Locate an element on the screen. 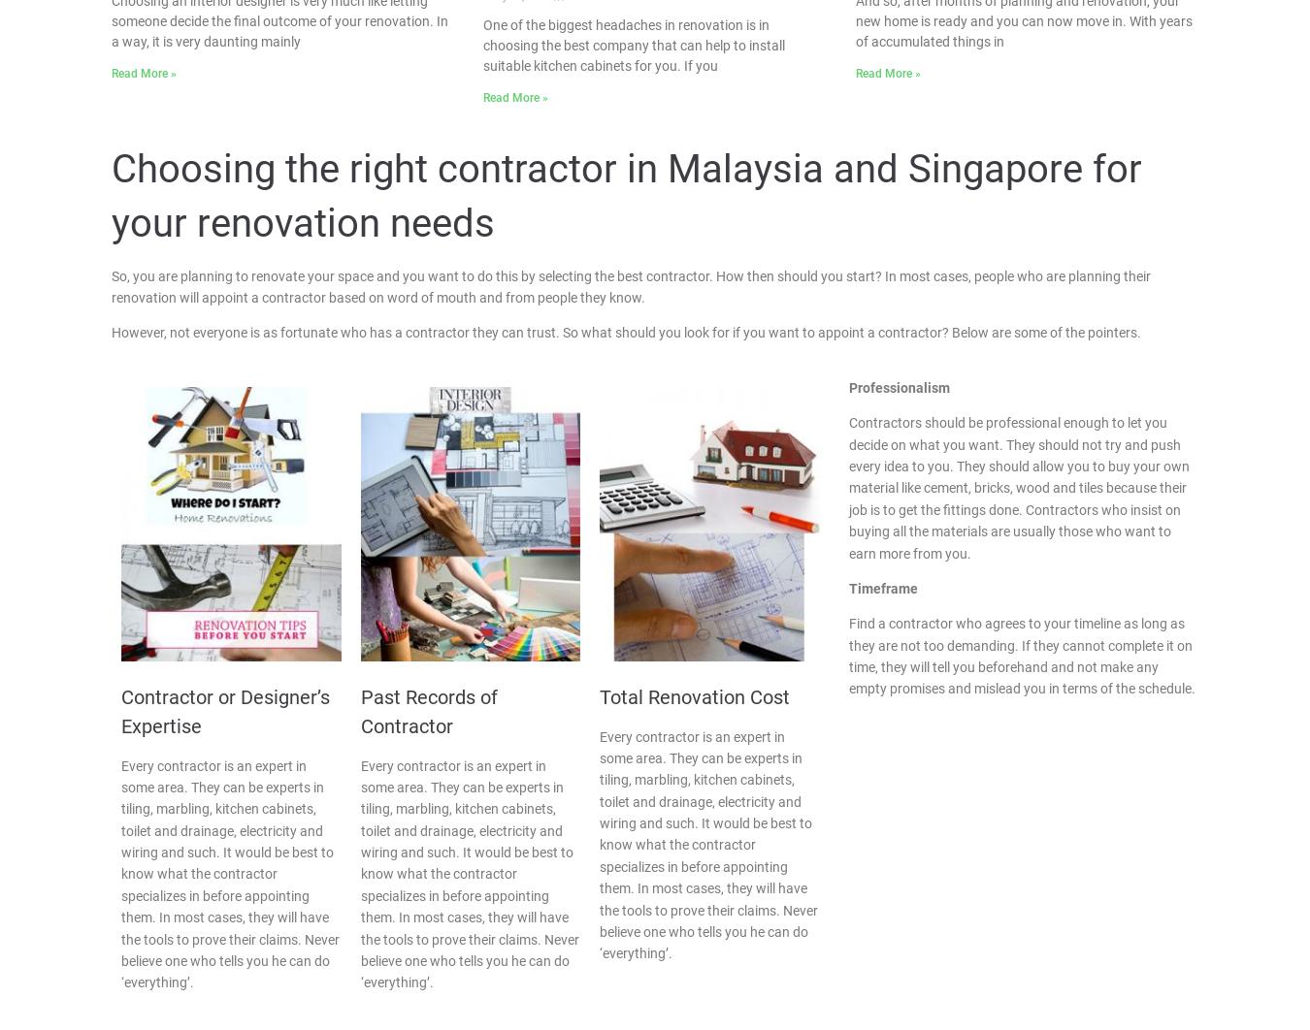 Image resolution: width=1310 pixels, height=1030 pixels. 'One of the biggest headaches in renovation is in choosing the best company that can help to install suitable kitchen cabinets for you. If you' is located at coordinates (482, 46).